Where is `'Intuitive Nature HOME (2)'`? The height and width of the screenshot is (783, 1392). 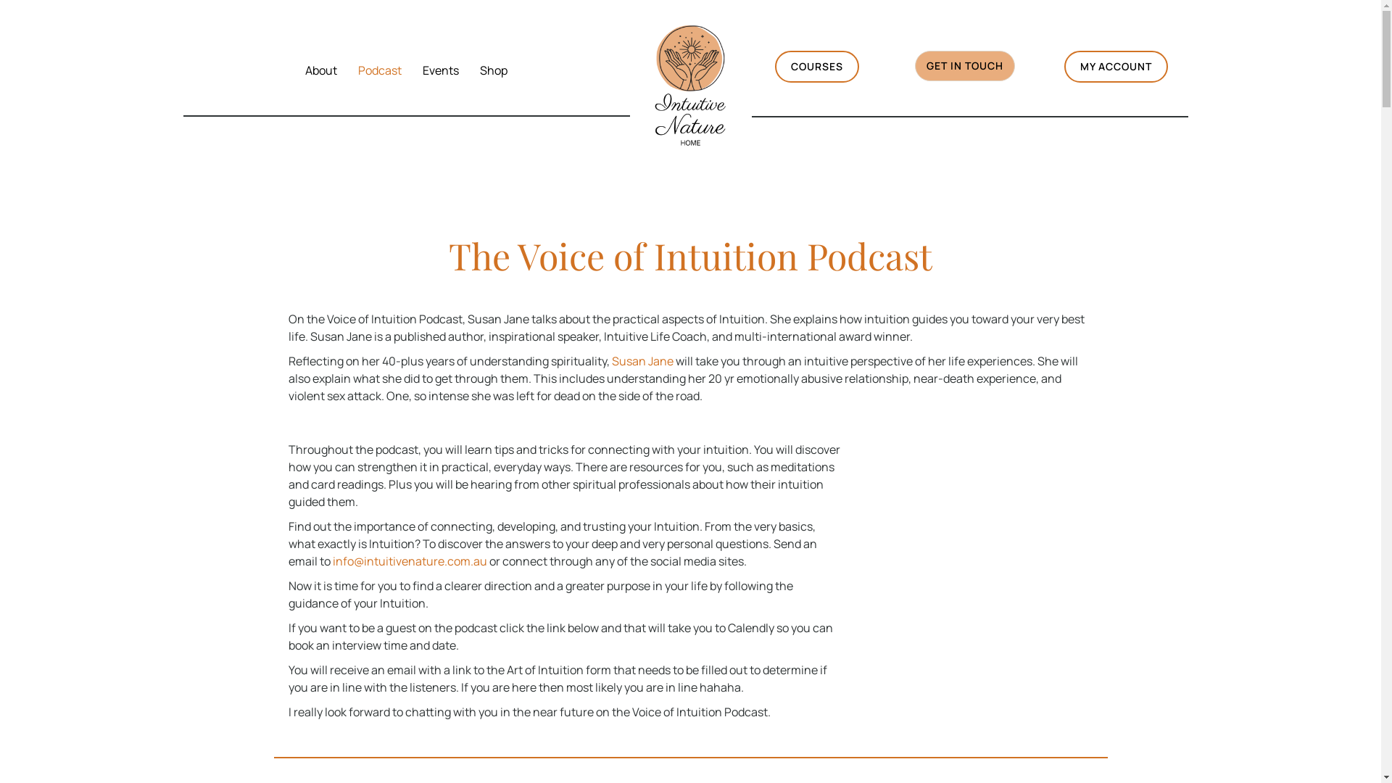 'Intuitive Nature HOME (2)' is located at coordinates (650, 84).